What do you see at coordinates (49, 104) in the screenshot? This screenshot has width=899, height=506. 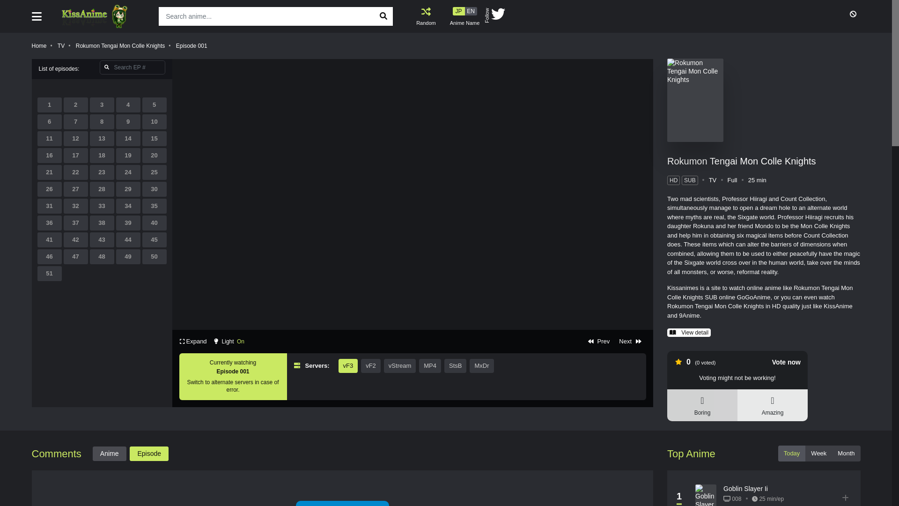 I see `'1'` at bounding box center [49, 104].